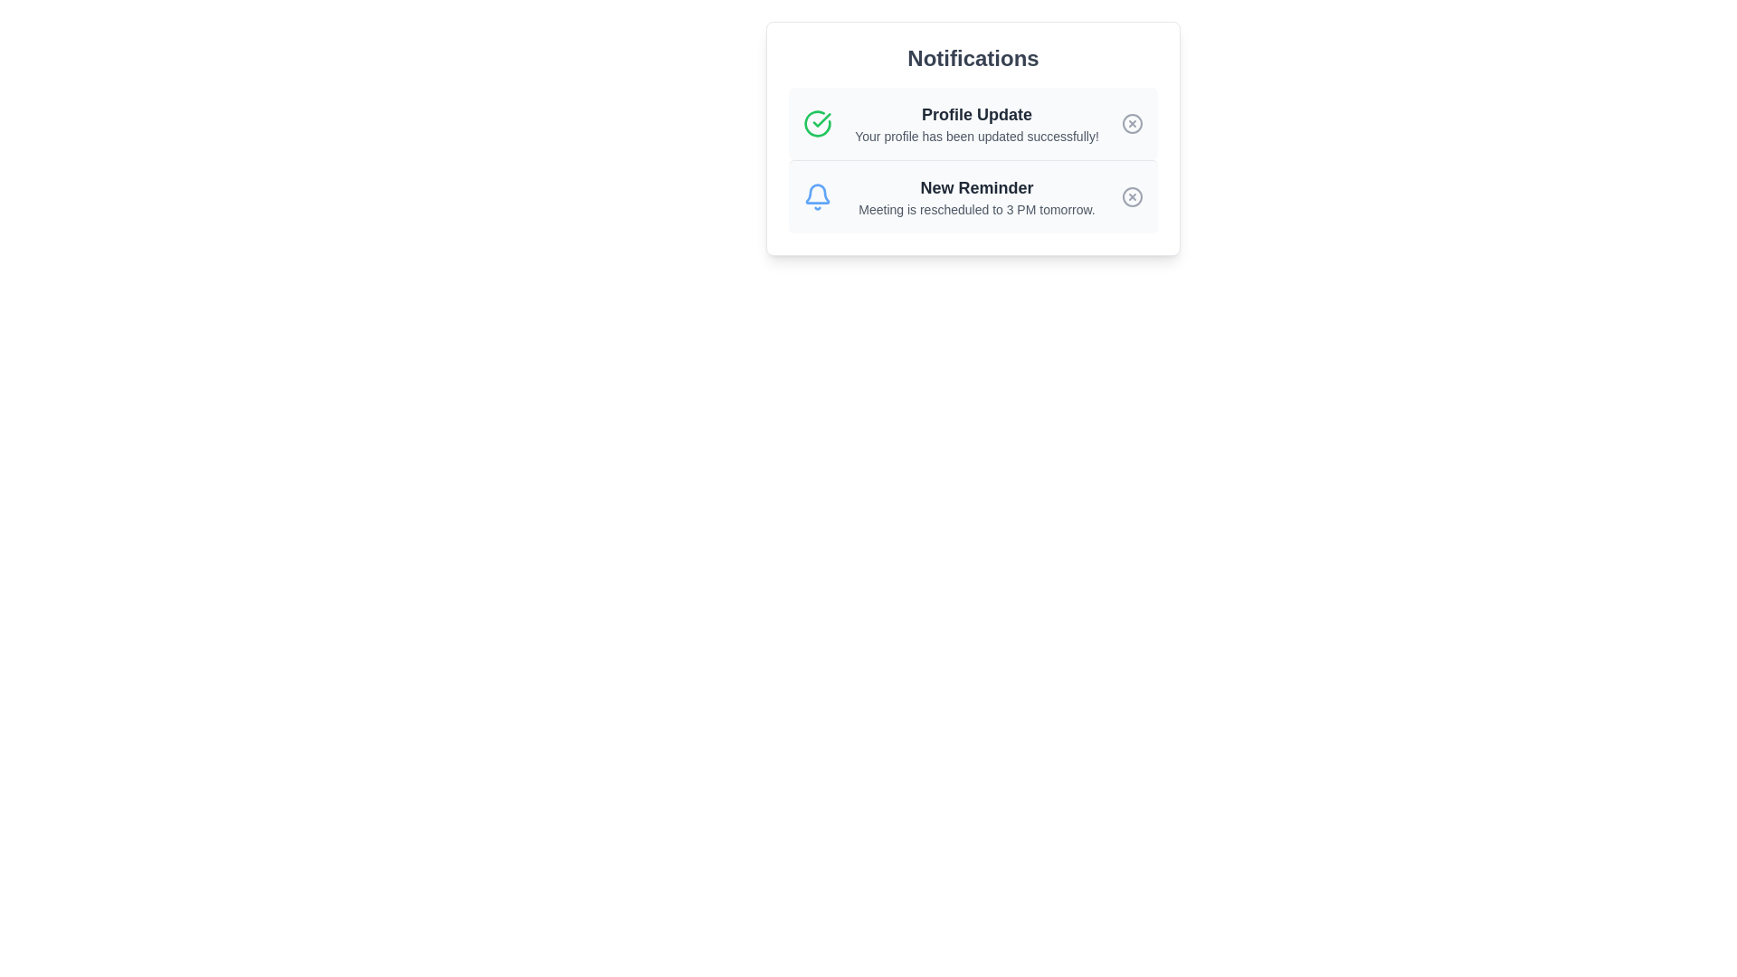  What do you see at coordinates (976, 135) in the screenshot?
I see `the informational text label that indicates the successful completion of the profile update, located beneath the 'Profile Update' title` at bounding box center [976, 135].